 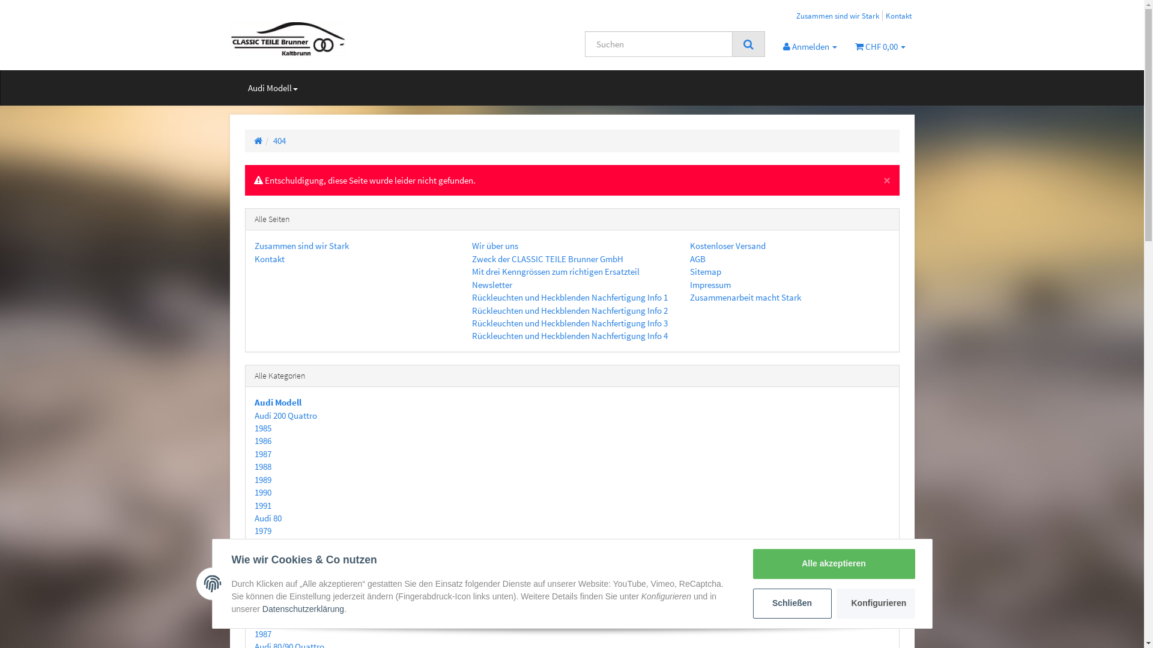 I want to click on '1990', so click(x=262, y=492).